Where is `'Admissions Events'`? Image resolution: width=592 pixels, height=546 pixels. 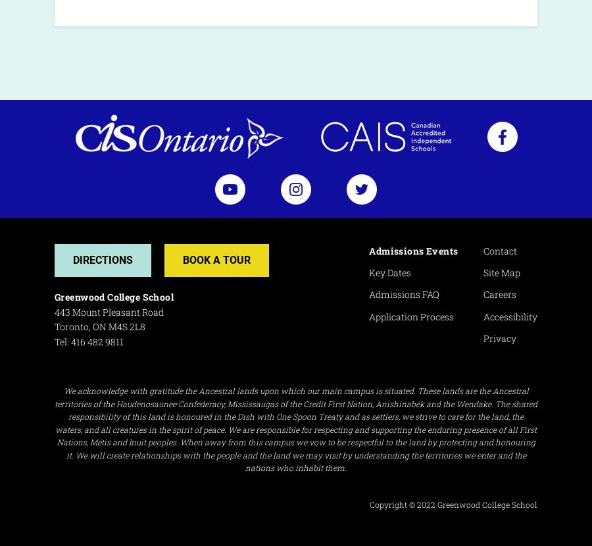
'Admissions Events' is located at coordinates (413, 249).